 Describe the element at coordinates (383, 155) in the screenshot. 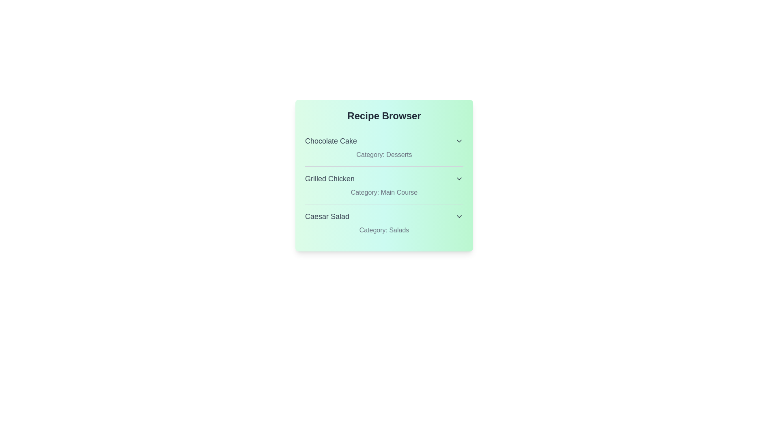

I see `the category text for Chocolate Cake to inspect its details` at that location.